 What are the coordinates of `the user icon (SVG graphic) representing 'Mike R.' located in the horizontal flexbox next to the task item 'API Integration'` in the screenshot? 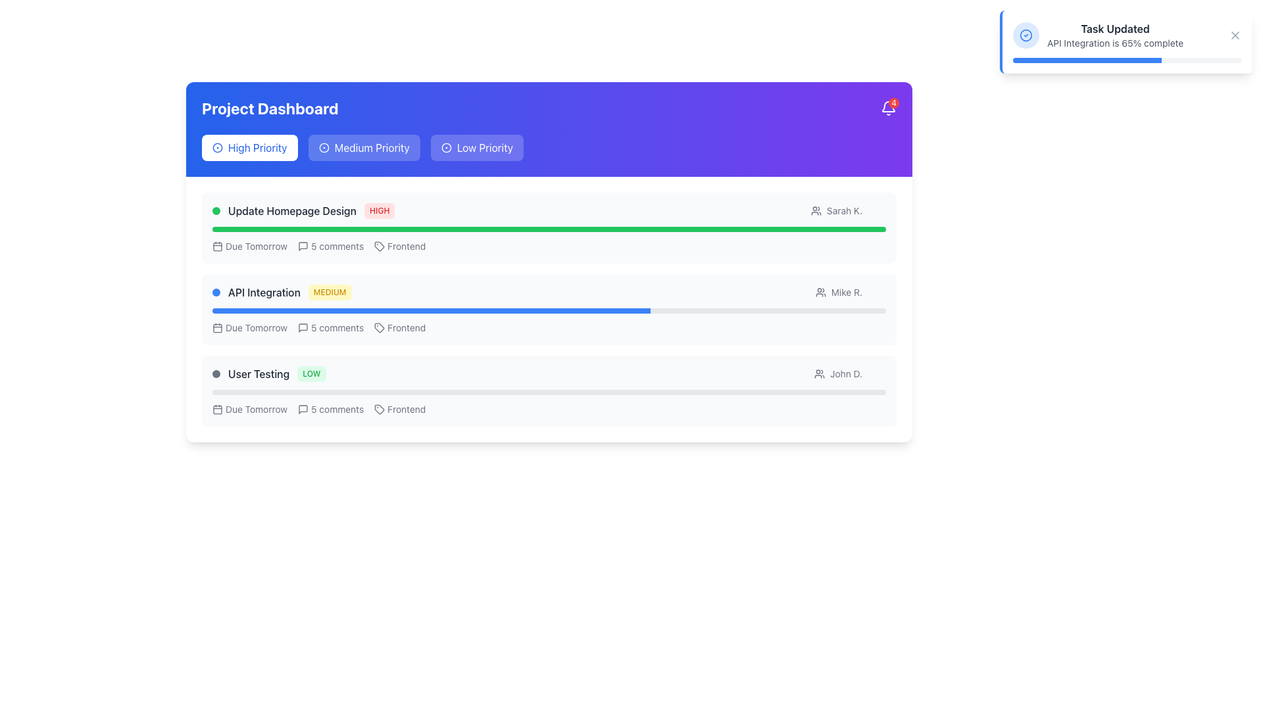 It's located at (820, 291).